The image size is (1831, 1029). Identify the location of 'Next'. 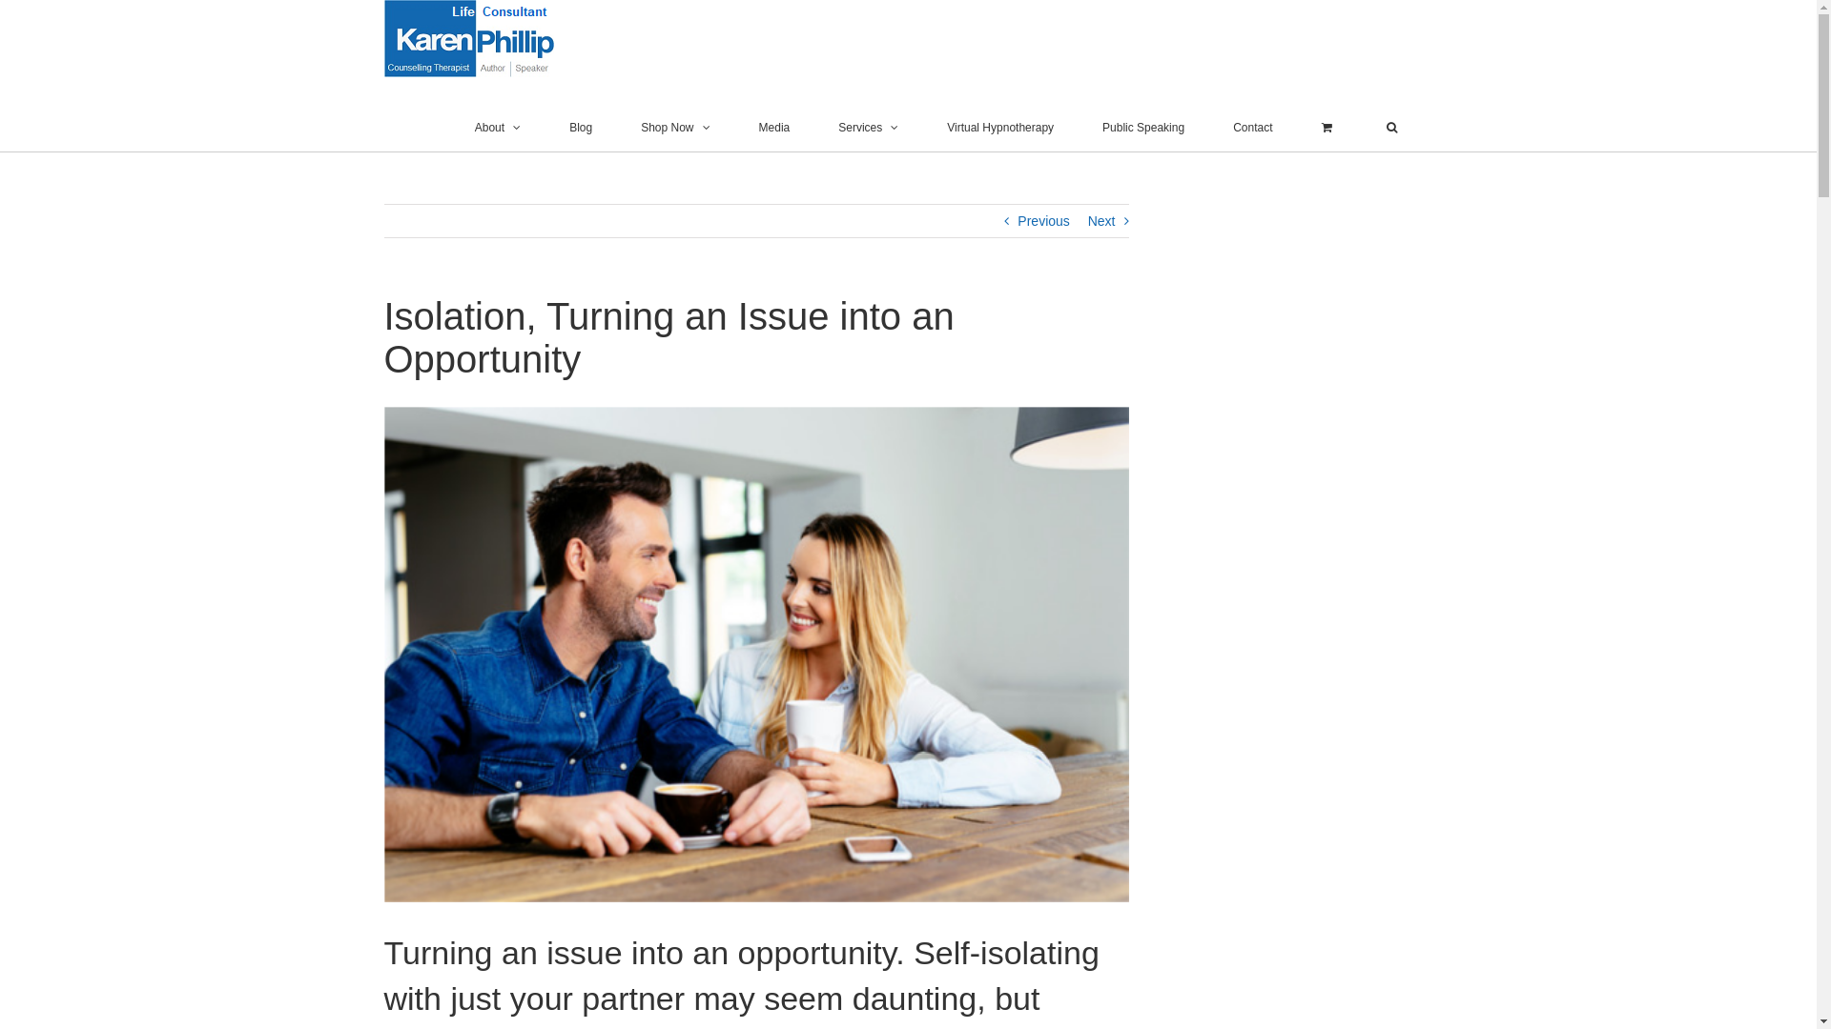
(1101, 219).